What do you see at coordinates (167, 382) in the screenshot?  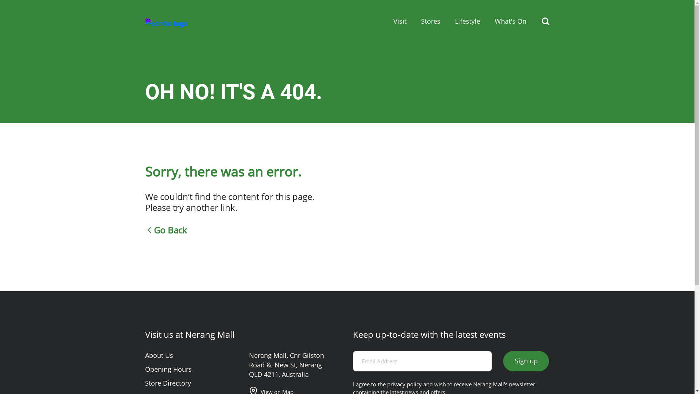 I see `'Store Directory'` at bounding box center [167, 382].